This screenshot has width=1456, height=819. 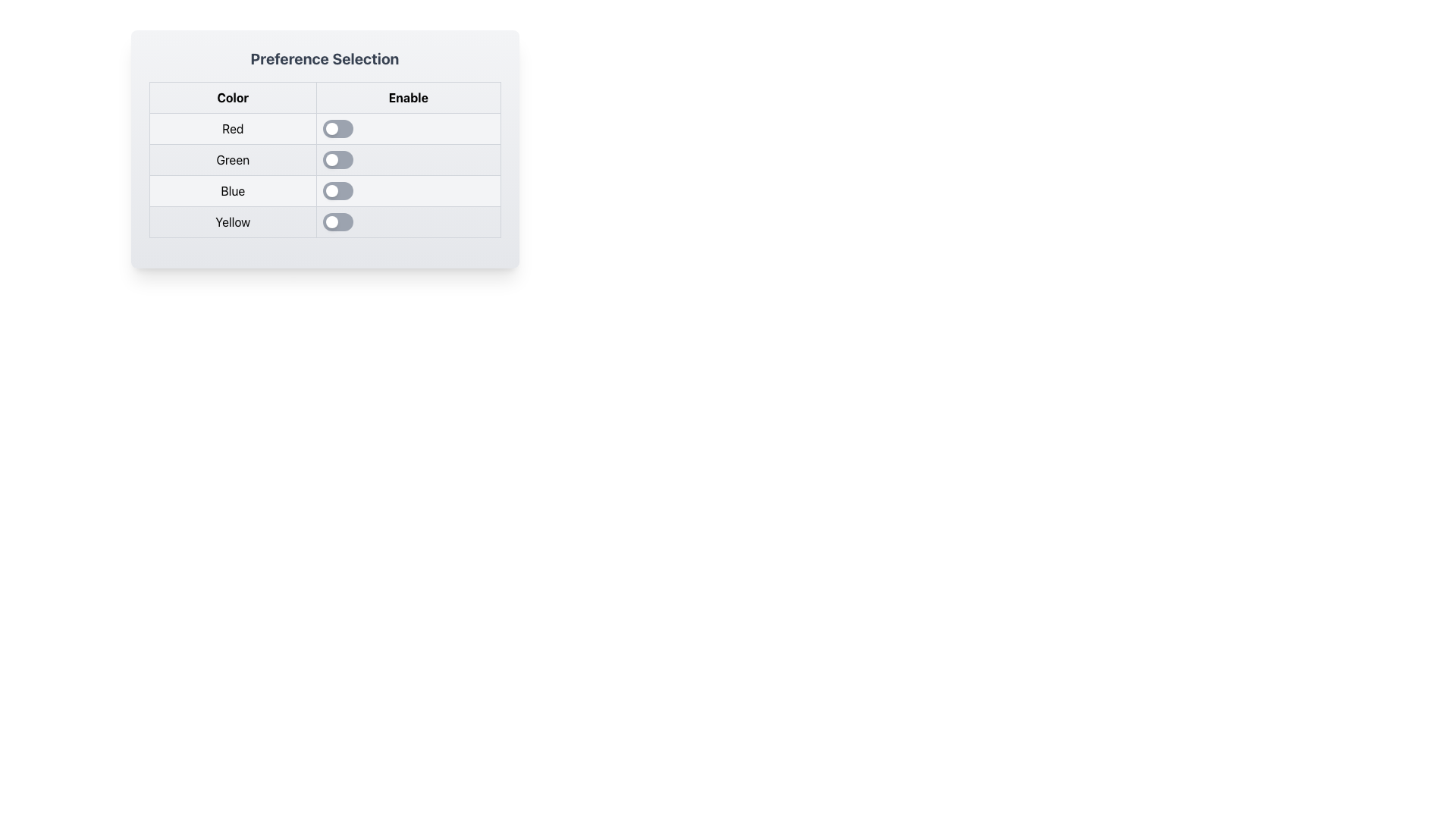 What do you see at coordinates (324, 160) in the screenshot?
I see `the toggle switch in the second row under the 'Enable' column, adjacent to the 'Green' row value` at bounding box center [324, 160].